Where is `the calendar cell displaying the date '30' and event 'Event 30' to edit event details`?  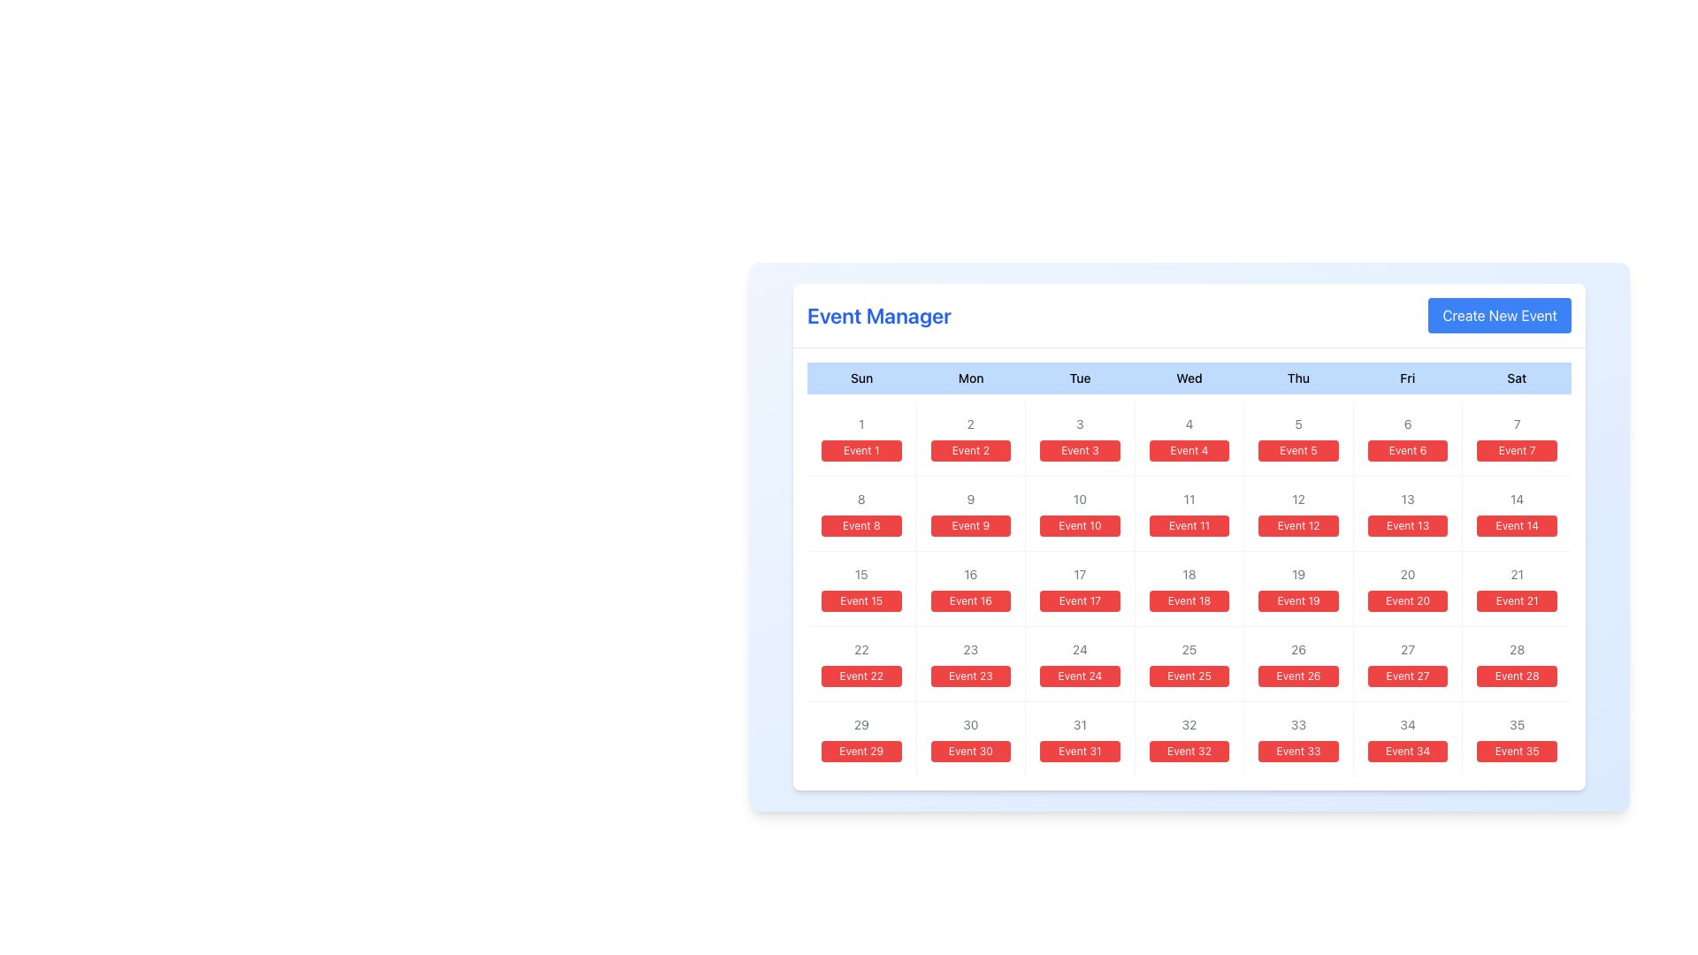
the calendar cell displaying the date '30' and event 'Event 30' to edit event details is located at coordinates (969, 739).